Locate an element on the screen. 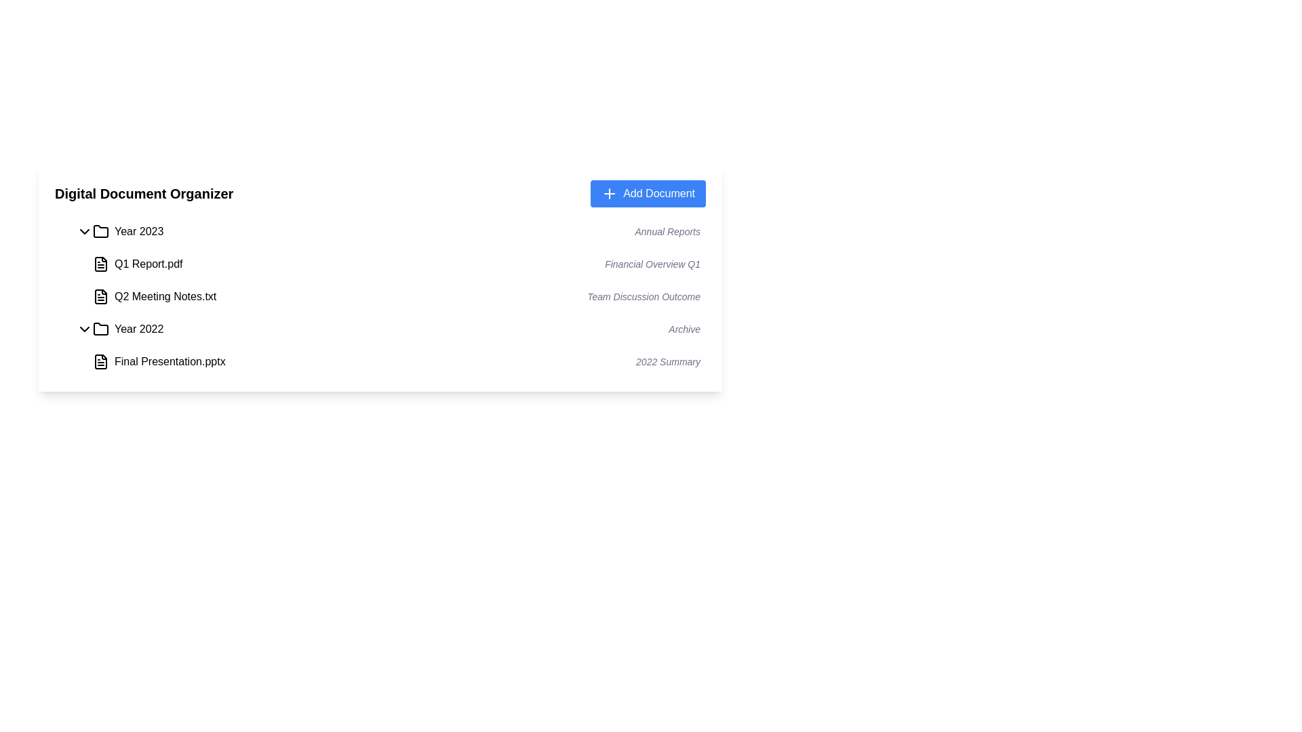 This screenshot has height=732, width=1302. the first file entry labeled 'Final Presentation.pptx' under the 'Year 2022' section is located at coordinates (396, 361).